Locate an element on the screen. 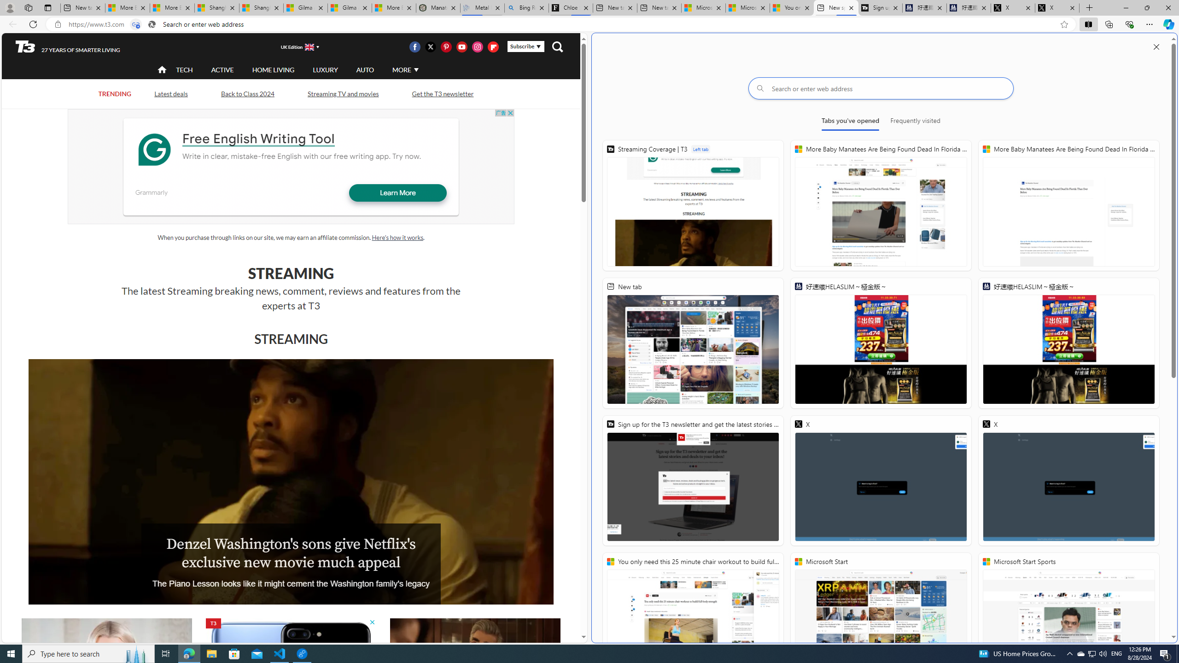 This screenshot has width=1179, height=663. 'Visit us on Flipboard' is located at coordinates (493, 46).